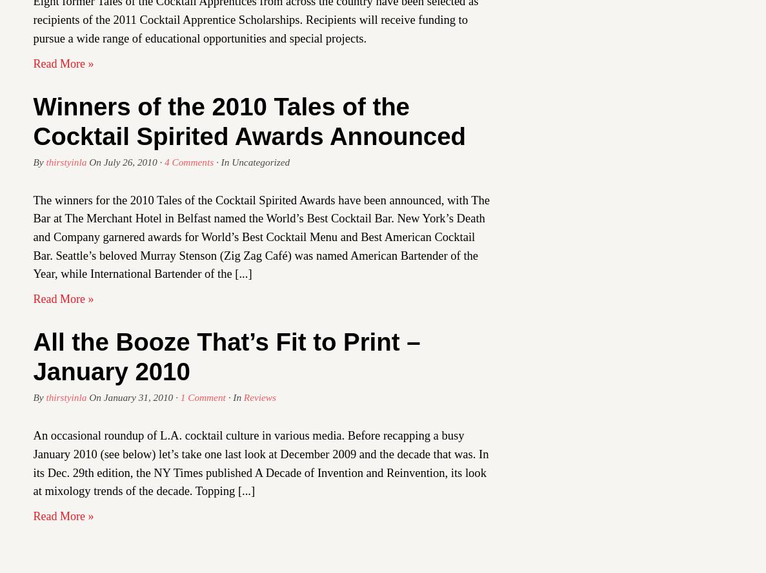 The image size is (766, 573). What do you see at coordinates (261, 235) in the screenshot?
I see `'The winners for the 2010 Tales of the Cocktail Spirited Awards have been announced, with The Bar at The Merchant Hotel in Belfast named the World’s Best Cocktail Bar. New York’s Death and Company garnered awards for World’s Best Cocktail Menu and Best American Cocktail Bar. Seattle’s beloved Murray Stenson (Zig Zag Café) was named American Bartender of the Year, while International Bartender of the [...]'` at bounding box center [261, 235].